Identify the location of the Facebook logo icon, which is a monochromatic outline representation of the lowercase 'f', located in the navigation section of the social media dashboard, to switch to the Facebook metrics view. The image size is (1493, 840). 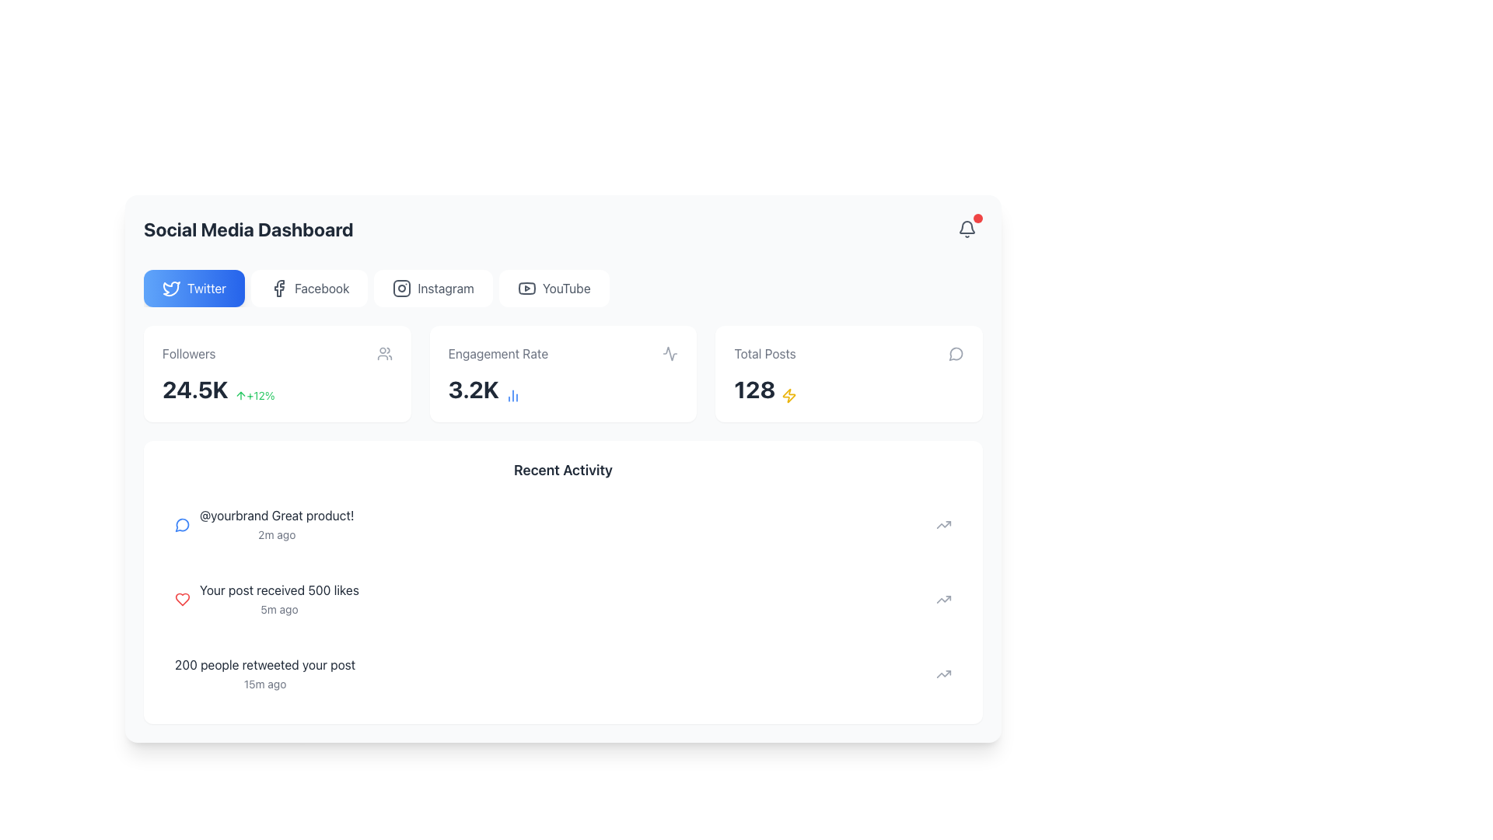
(279, 288).